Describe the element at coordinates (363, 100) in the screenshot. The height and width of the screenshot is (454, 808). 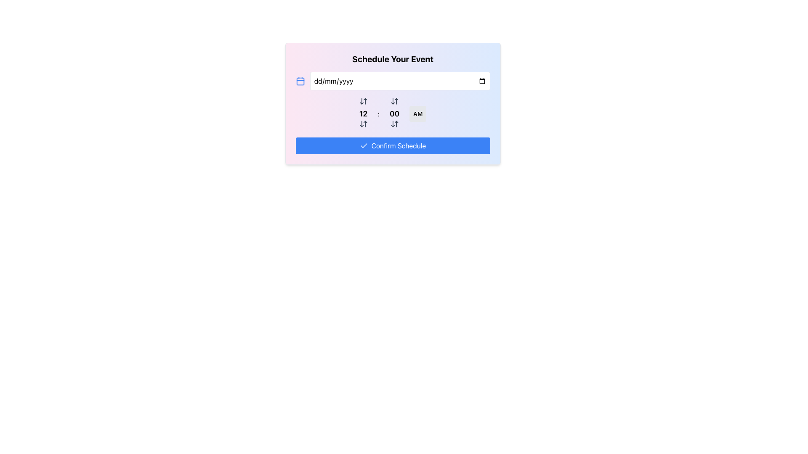
I see `the sorting icon with up and down arrows located above the '12' indicator in the scheduling interface` at that location.